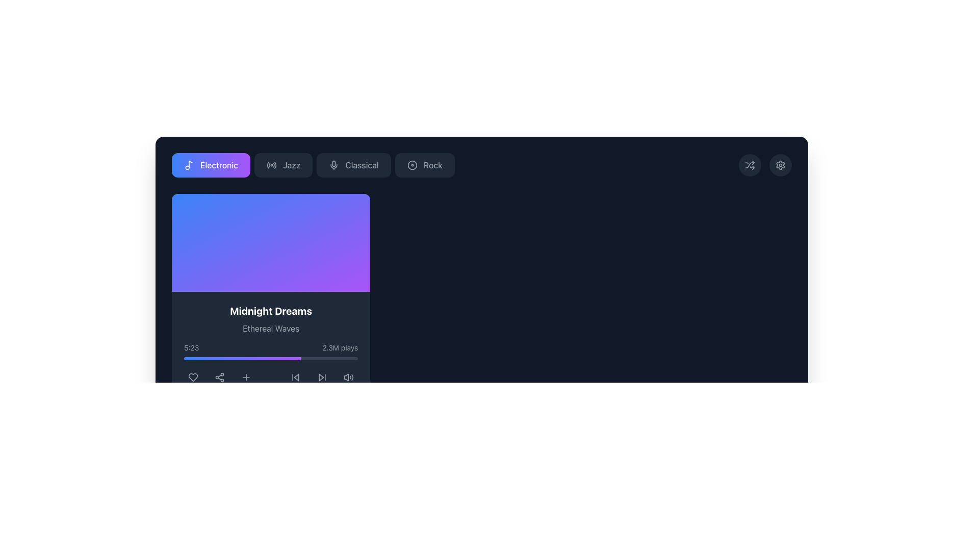  What do you see at coordinates (349, 378) in the screenshot?
I see `the Audio control button, which is the third interactive icon from the right in the bottom-right area of the playback controls` at bounding box center [349, 378].